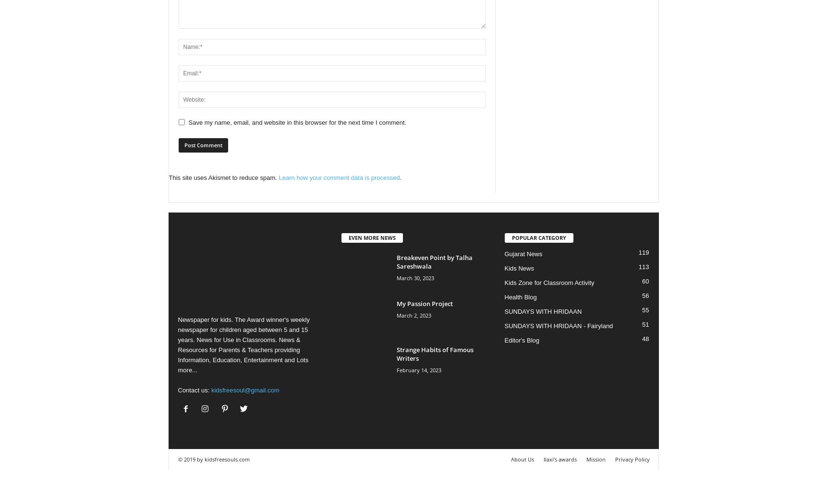  I want to click on 'About Us', so click(521, 459).